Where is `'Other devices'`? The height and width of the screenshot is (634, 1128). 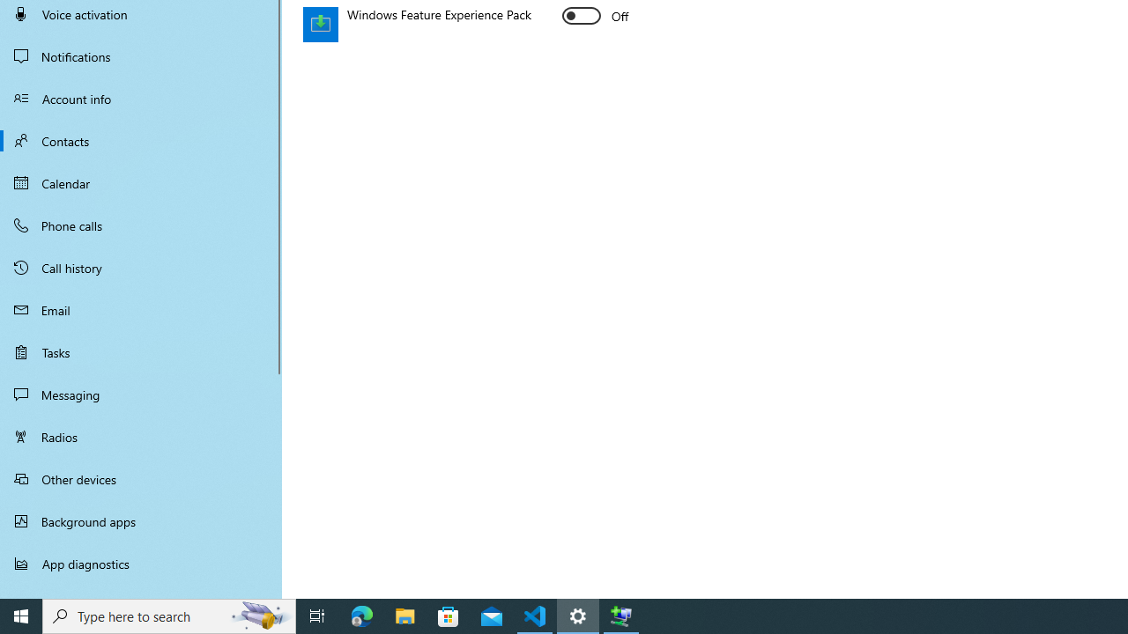 'Other devices' is located at coordinates (141, 478).